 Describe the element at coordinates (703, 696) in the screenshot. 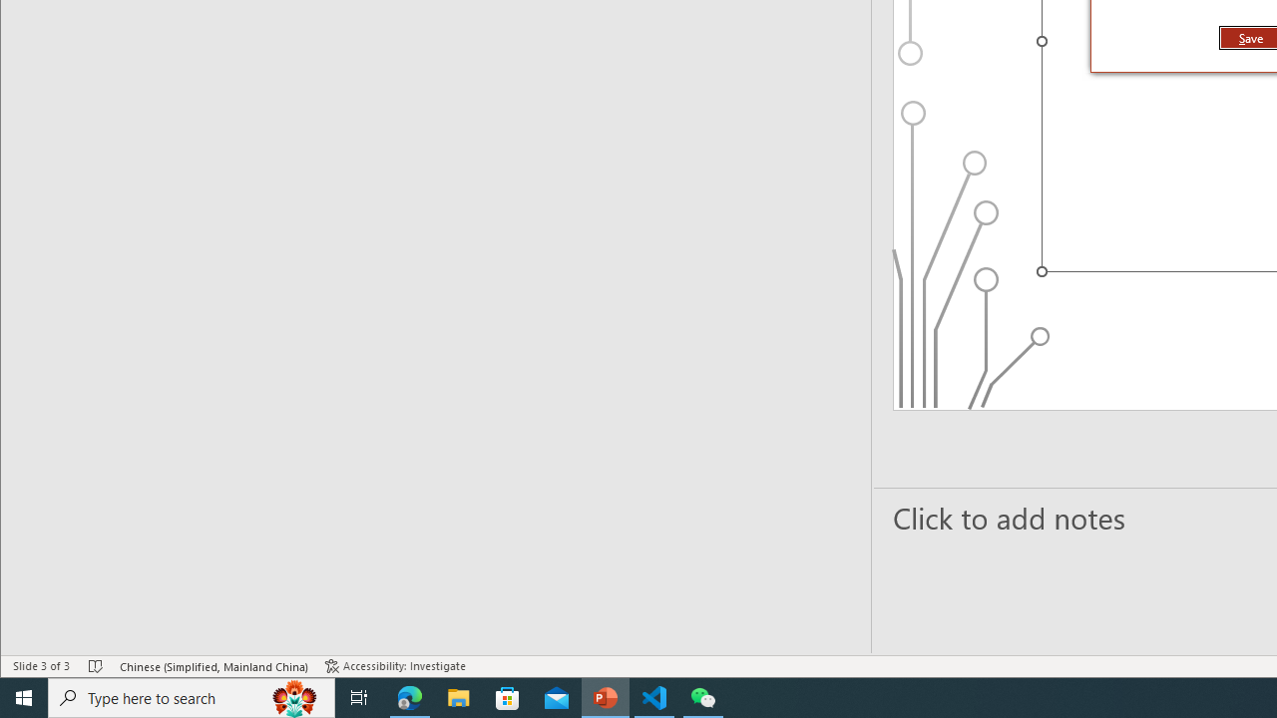

I see `'WeChat - 1 running window'` at that location.